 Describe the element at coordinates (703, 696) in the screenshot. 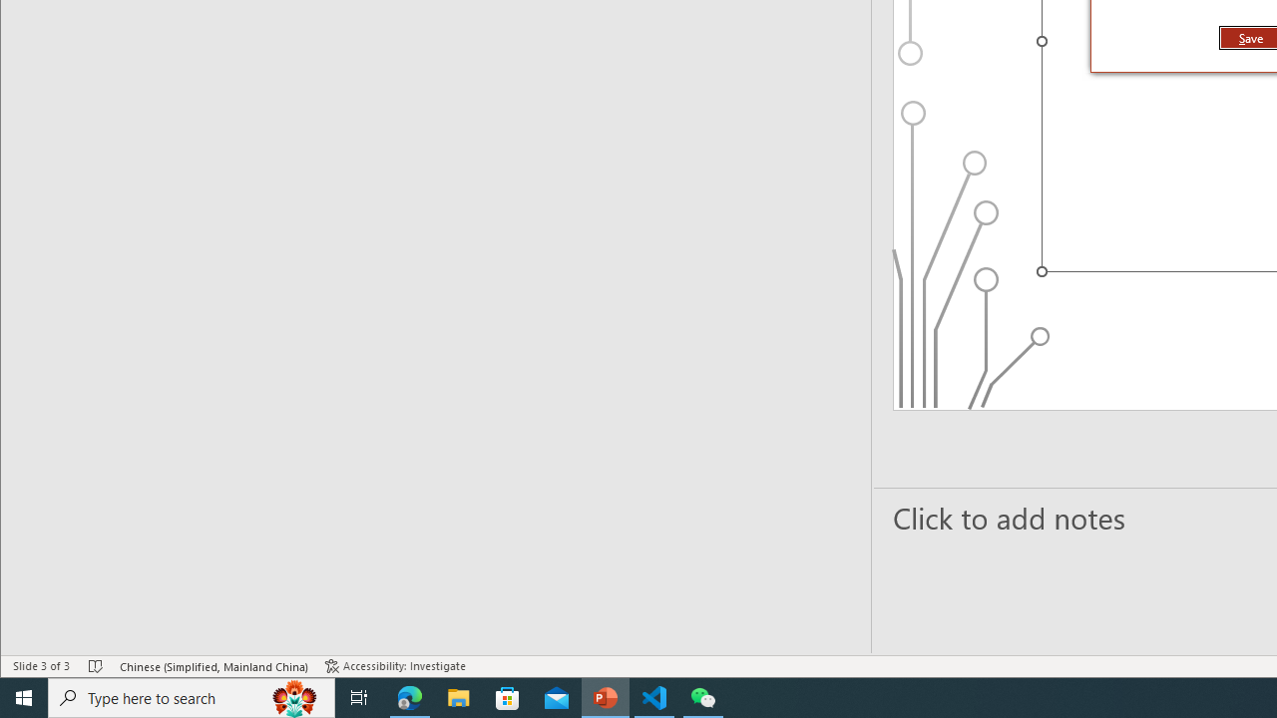

I see `'WeChat - 1 running window'` at that location.